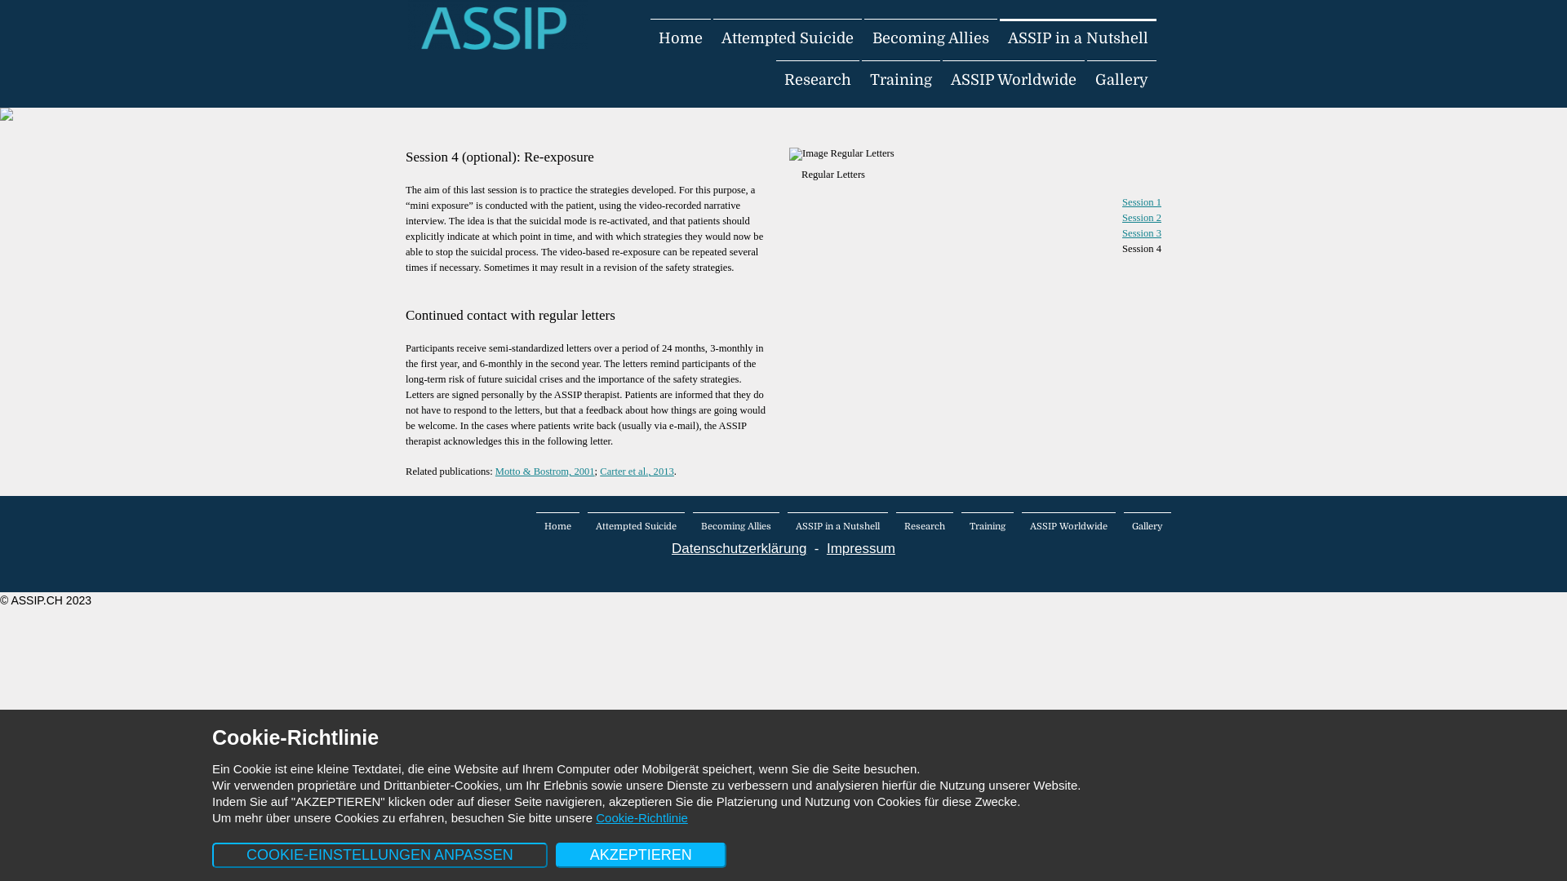 The width and height of the screenshot is (1567, 881). What do you see at coordinates (1013, 79) in the screenshot?
I see `'ASSIP Worldwide'` at bounding box center [1013, 79].